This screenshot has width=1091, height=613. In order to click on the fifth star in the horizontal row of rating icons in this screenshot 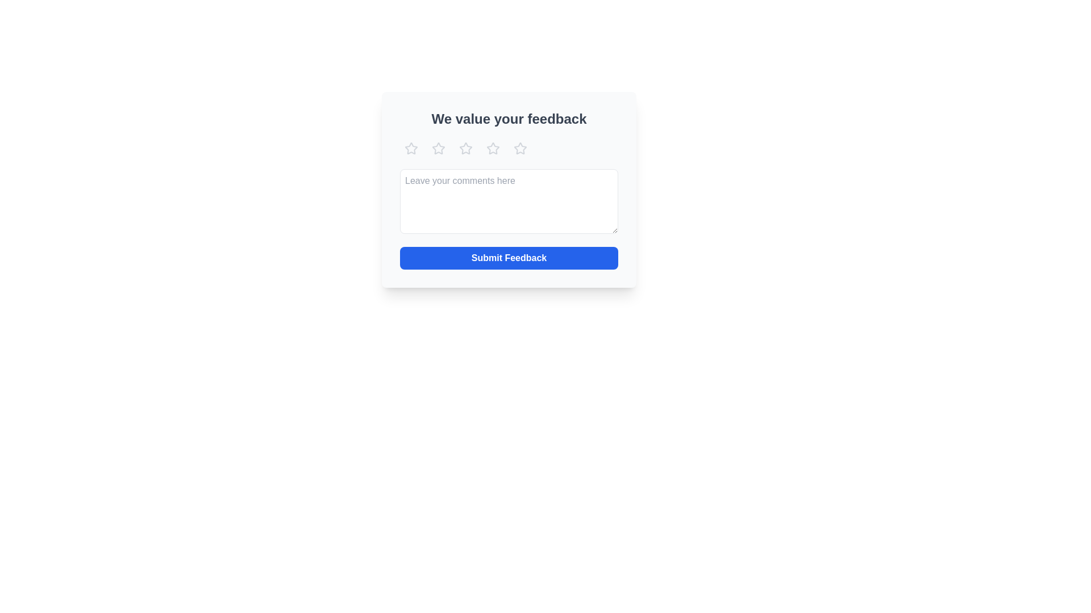, I will do `click(520, 148)`.